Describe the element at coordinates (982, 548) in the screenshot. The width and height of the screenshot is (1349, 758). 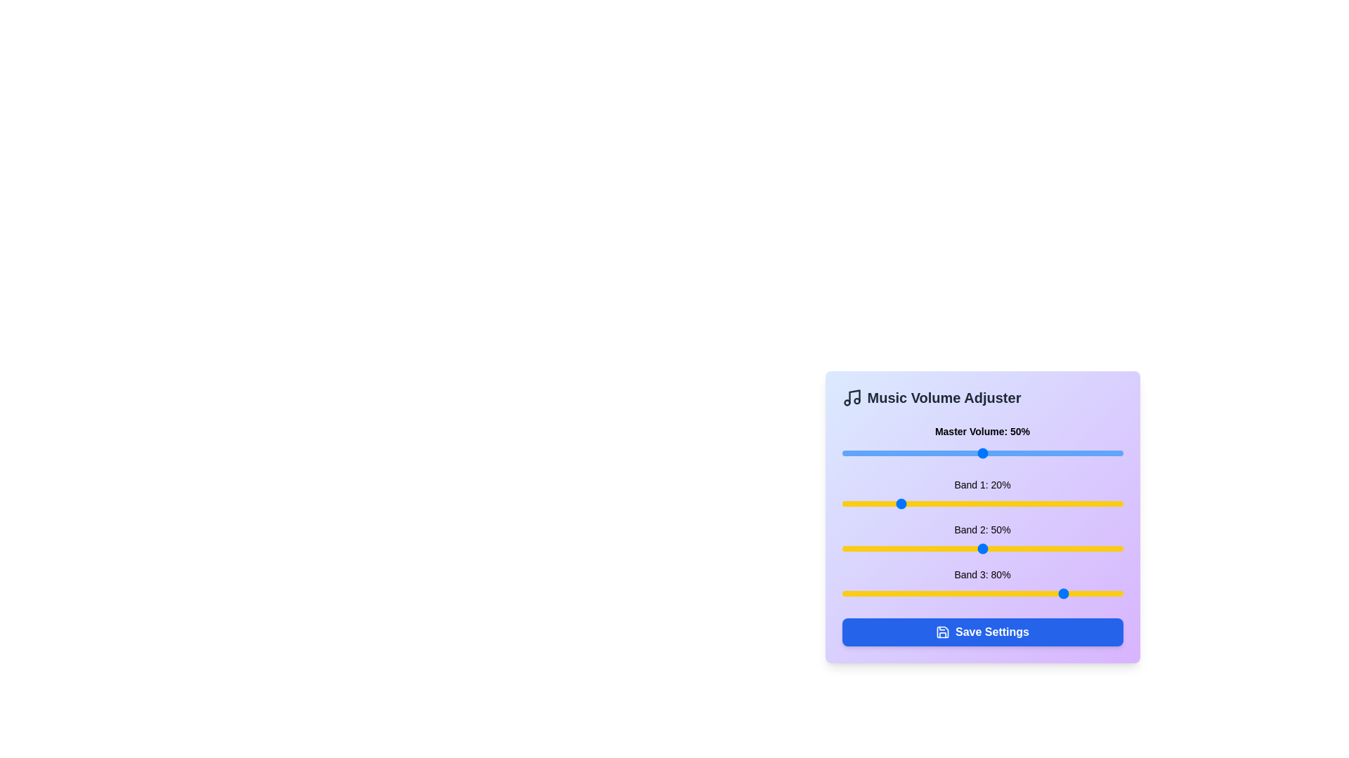
I see `the 'Band 2' slider` at that location.